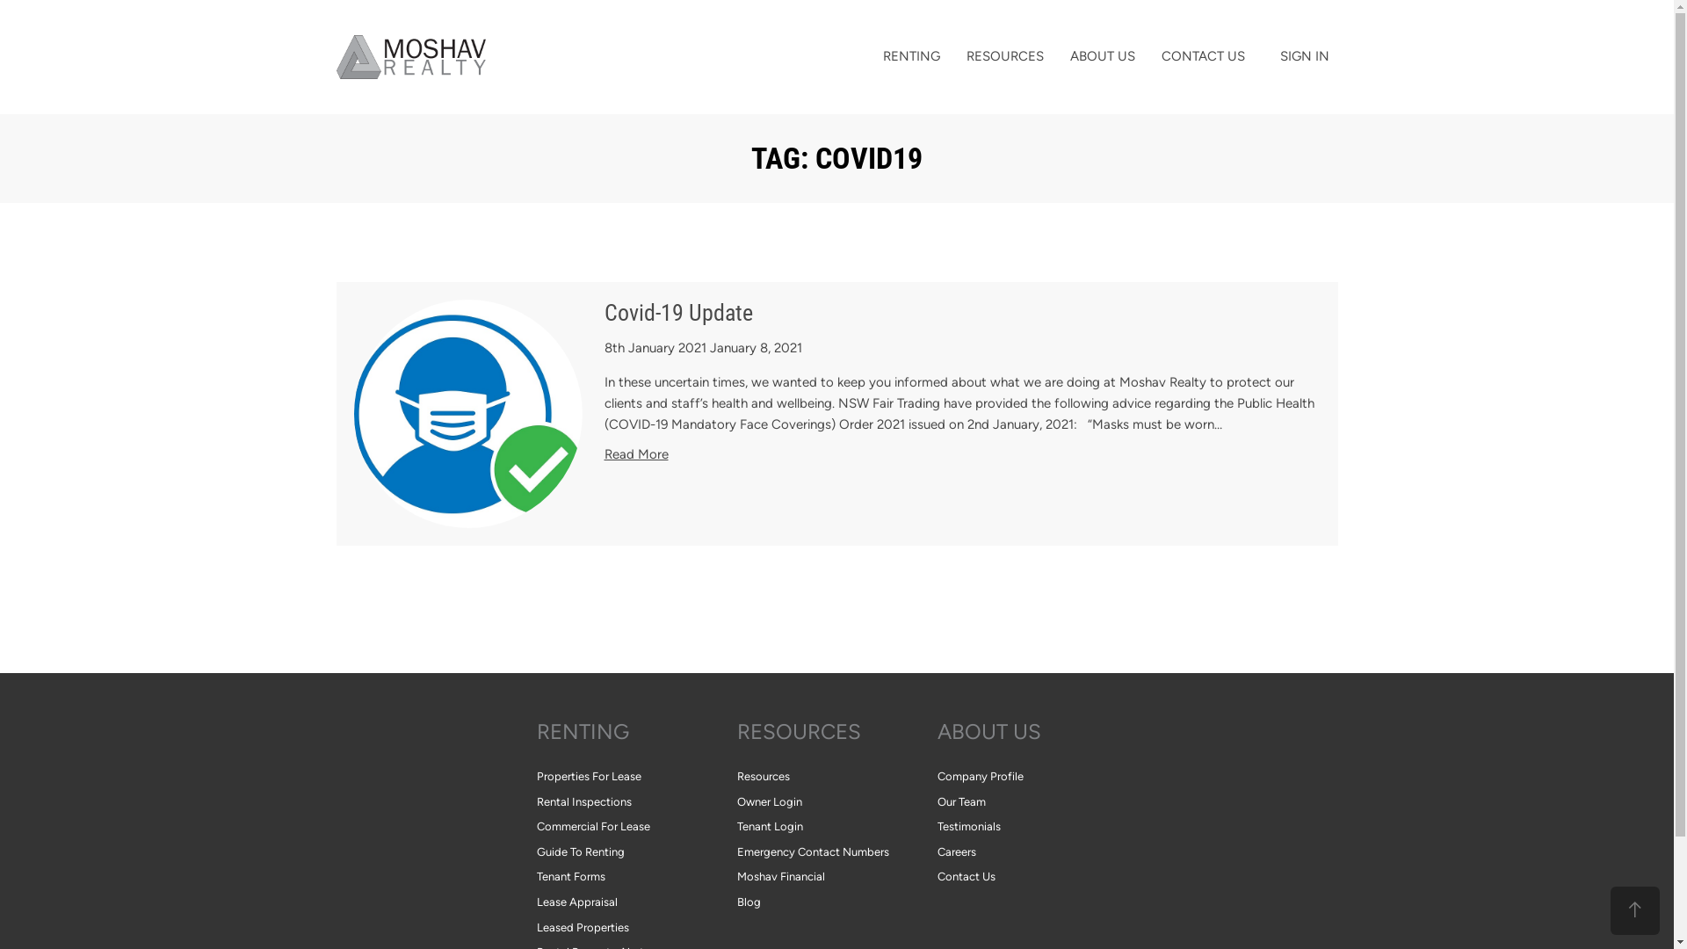 This screenshot has height=949, width=1687. Describe the element at coordinates (635, 776) in the screenshot. I see `'Properties For Lease'` at that location.